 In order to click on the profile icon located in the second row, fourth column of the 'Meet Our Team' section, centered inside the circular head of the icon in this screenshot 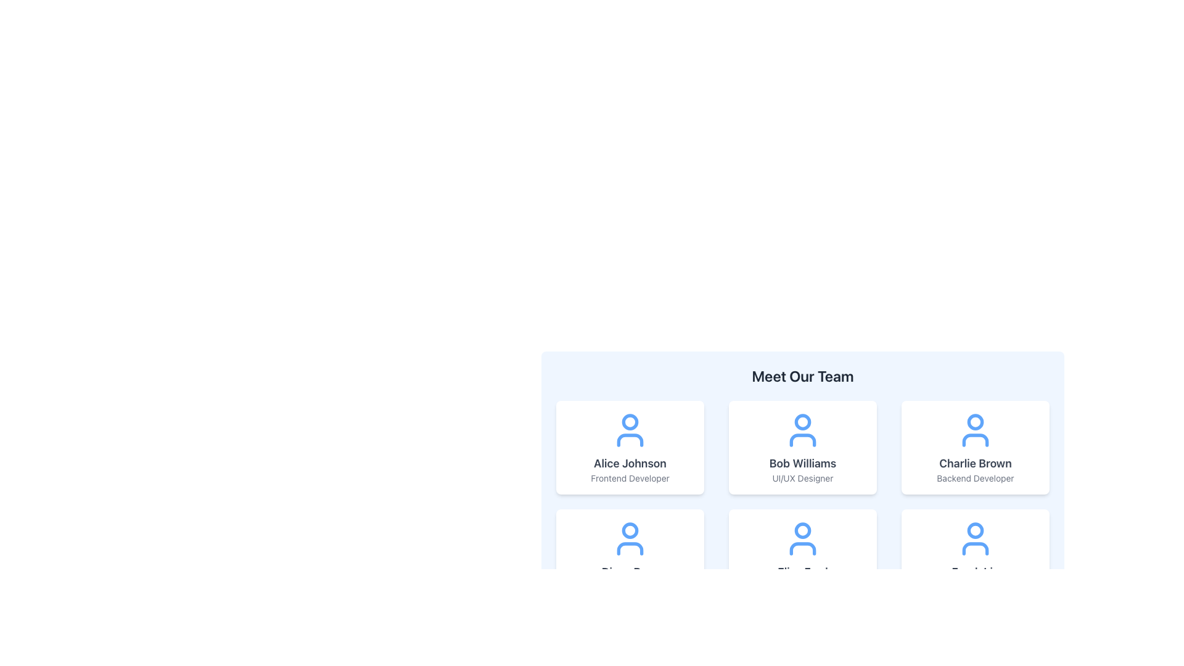, I will do `click(802, 530)`.